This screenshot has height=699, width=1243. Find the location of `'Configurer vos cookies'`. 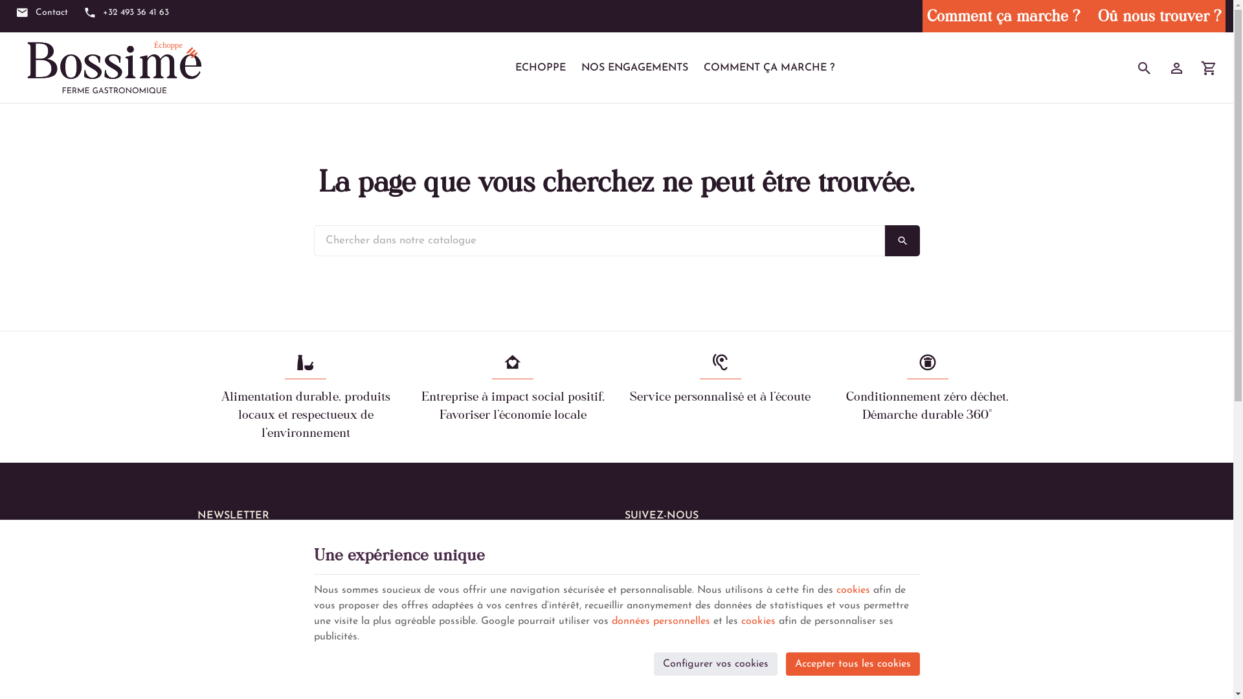

'Configurer vos cookies' is located at coordinates (653, 664).